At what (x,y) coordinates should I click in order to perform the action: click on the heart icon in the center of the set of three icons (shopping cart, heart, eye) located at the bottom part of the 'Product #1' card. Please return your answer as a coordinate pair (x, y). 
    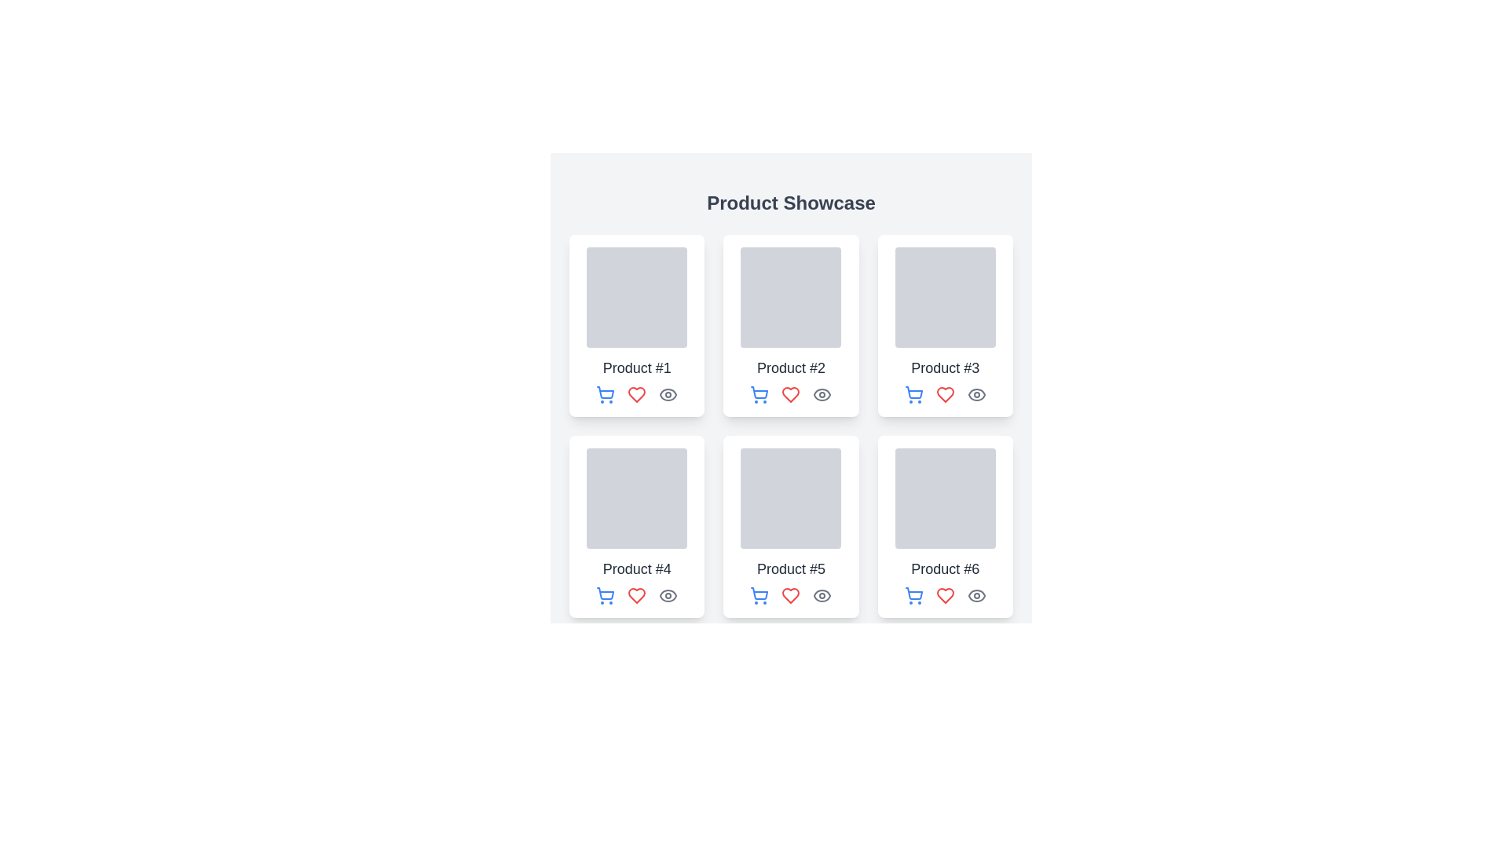
    Looking at the image, I should click on (637, 393).